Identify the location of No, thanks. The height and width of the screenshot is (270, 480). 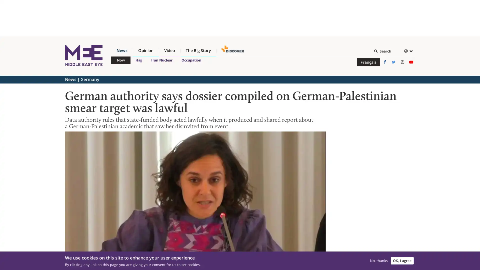
(379, 259).